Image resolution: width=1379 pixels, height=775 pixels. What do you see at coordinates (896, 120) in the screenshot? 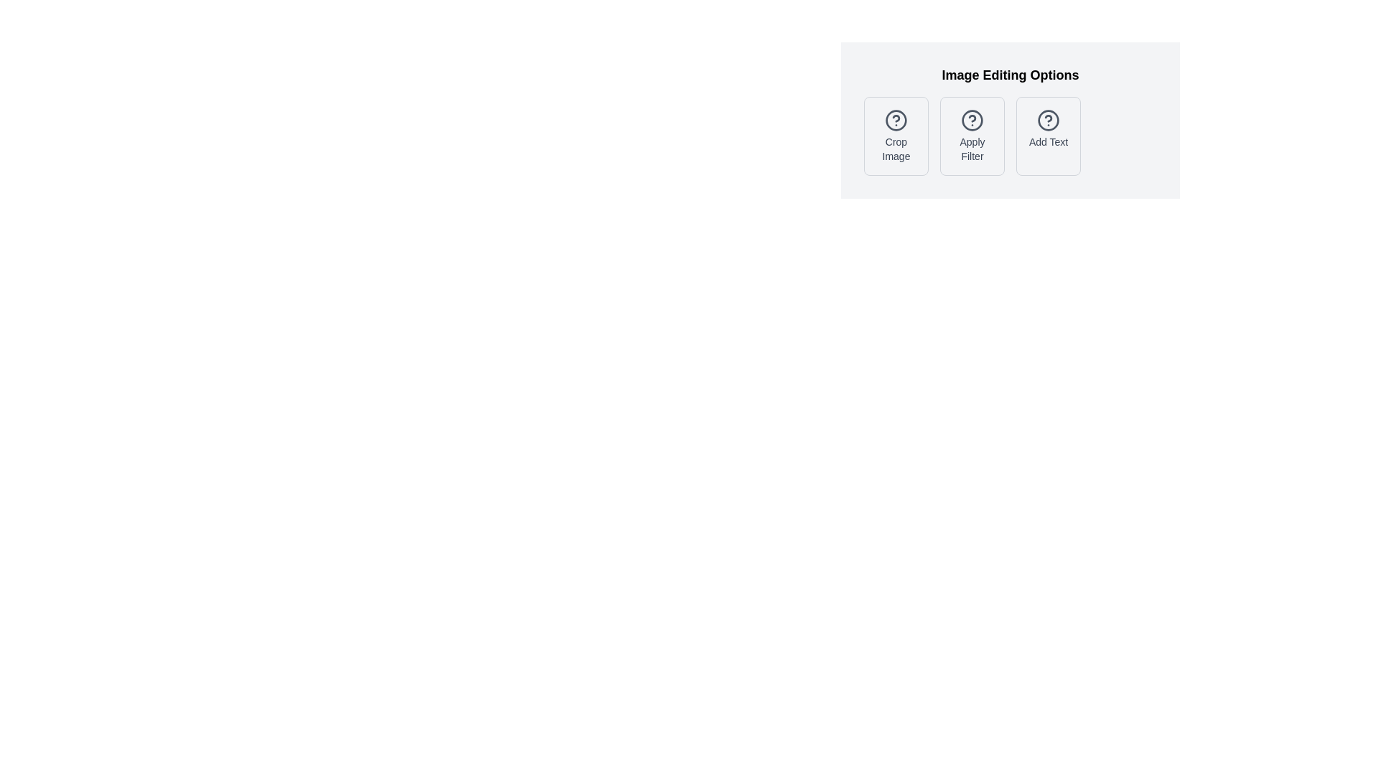
I see `the gray SVG icon with a question mark symbol located in the first column of the 'Image Editing Options' row, above the 'Crop Image' label` at bounding box center [896, 120].